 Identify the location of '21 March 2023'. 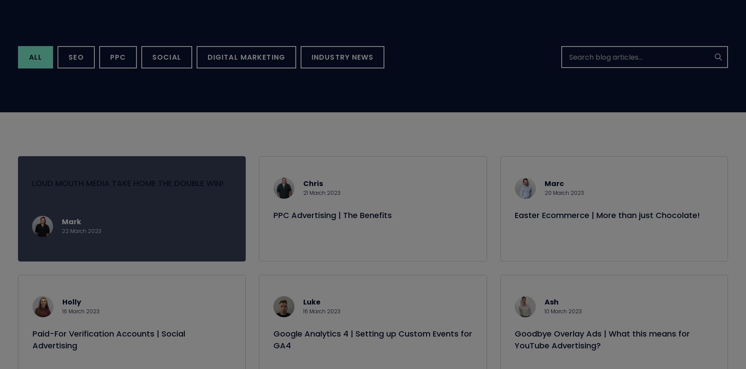
(322, 203).